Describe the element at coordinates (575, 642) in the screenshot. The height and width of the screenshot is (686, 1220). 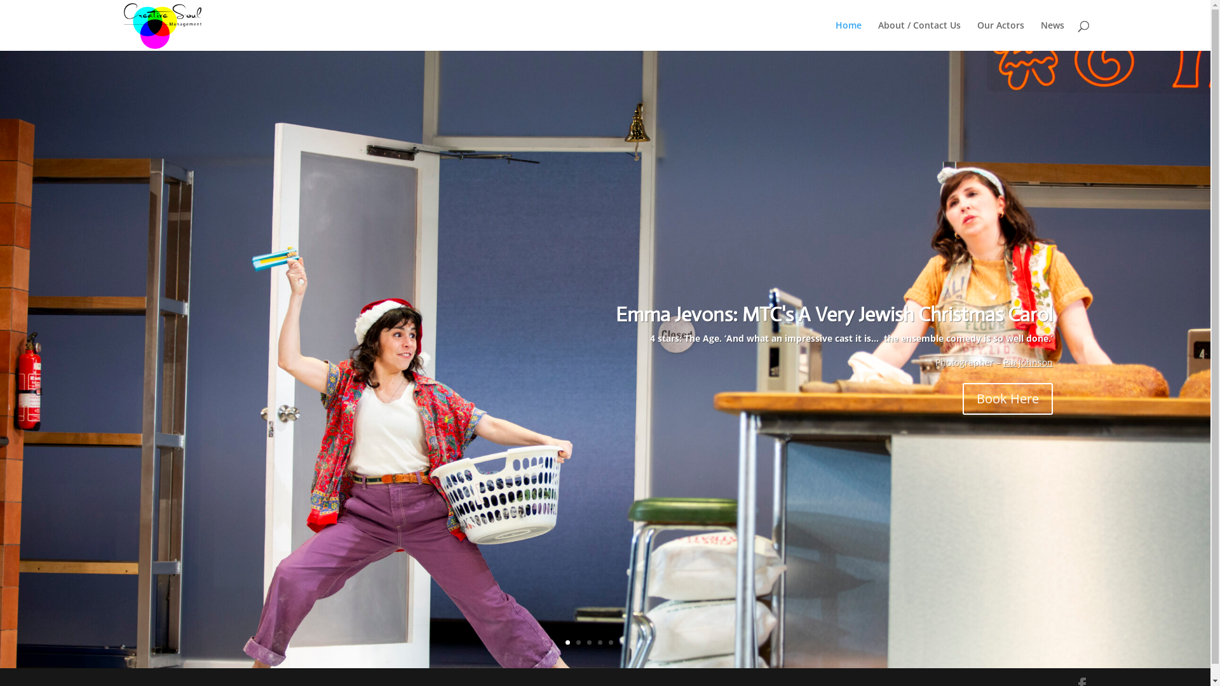
I see `'2'` at that location.